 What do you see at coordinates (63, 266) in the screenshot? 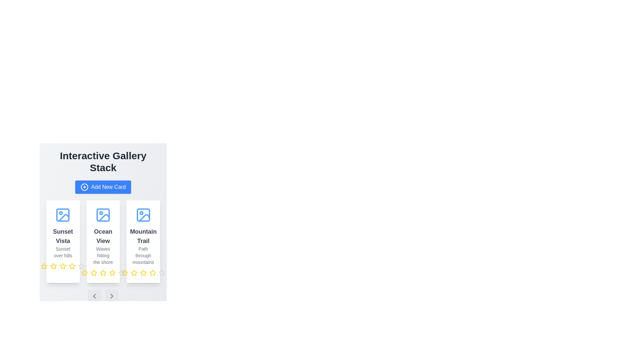
I see `the third star in the rating group beneath the 'Sunset Vista' card` at bounding box center [63, 266].